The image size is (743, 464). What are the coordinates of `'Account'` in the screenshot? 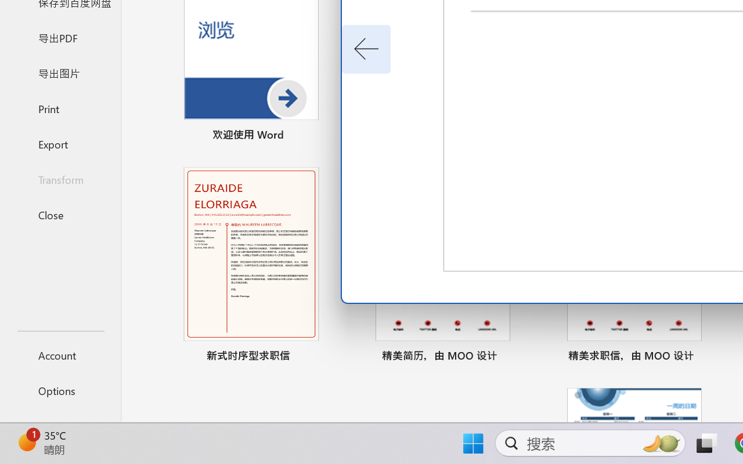 It's located at (60, 355).